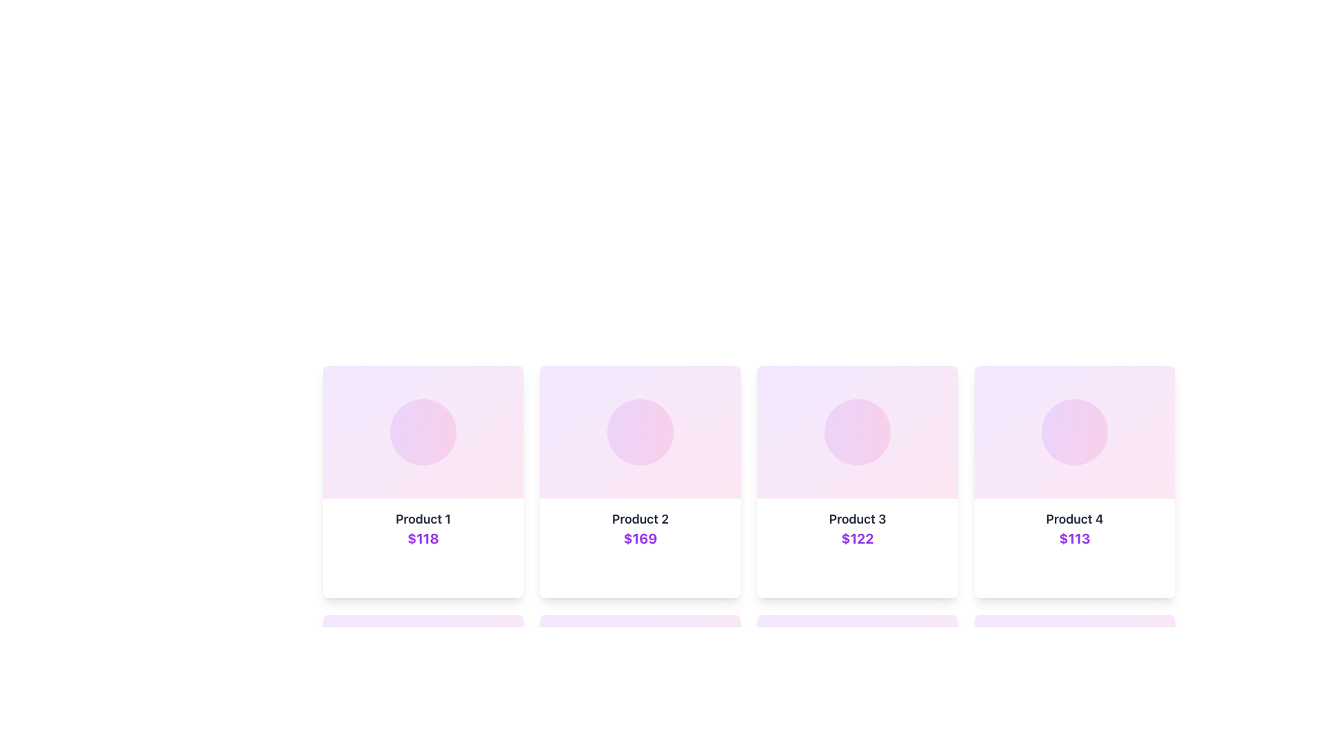  I want to click on the fourth product card in the horizontal grid layout, so click(1074, 481).